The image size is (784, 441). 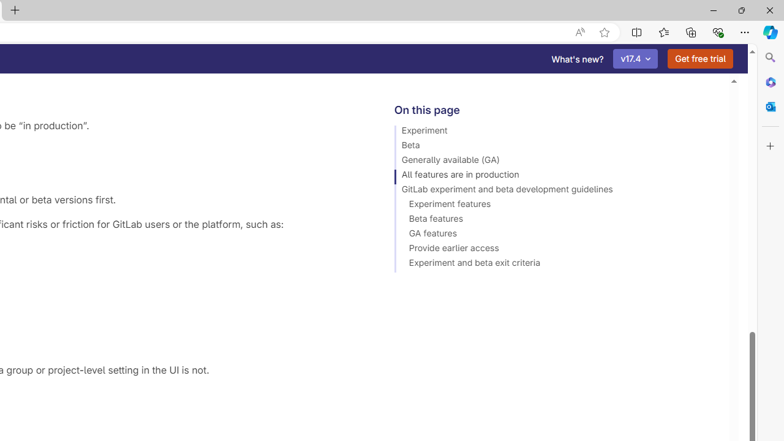 What do you see at coordinates (636, 59) in the screenshot?
I see `'v17.4'` at bounding box center [636, 59].